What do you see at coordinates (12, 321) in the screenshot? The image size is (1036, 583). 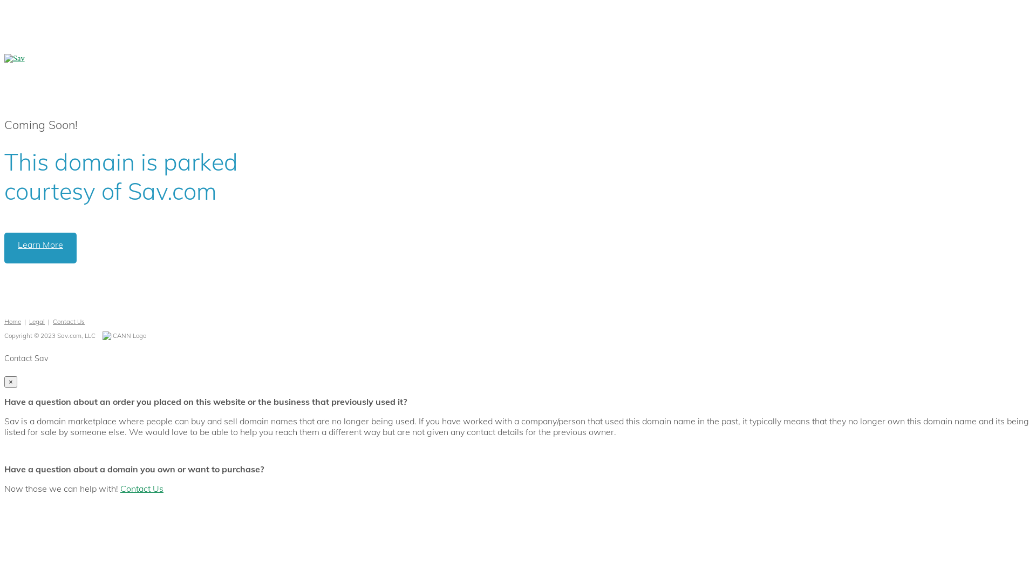 I see `'Home'` at bounding box center [12, 321].